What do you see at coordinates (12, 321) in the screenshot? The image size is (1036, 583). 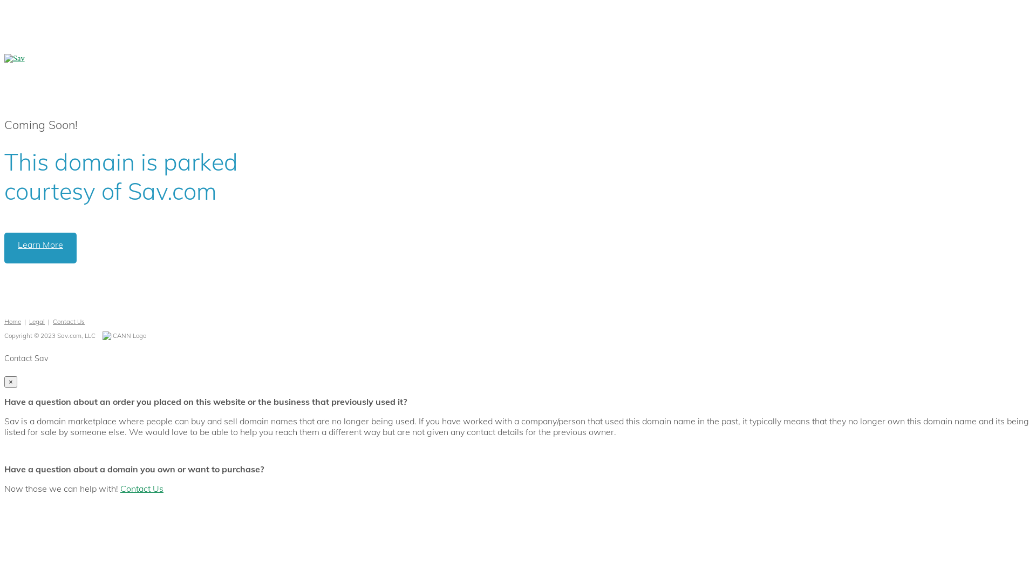 I see `'Home'` at bounding box center [12, 321].